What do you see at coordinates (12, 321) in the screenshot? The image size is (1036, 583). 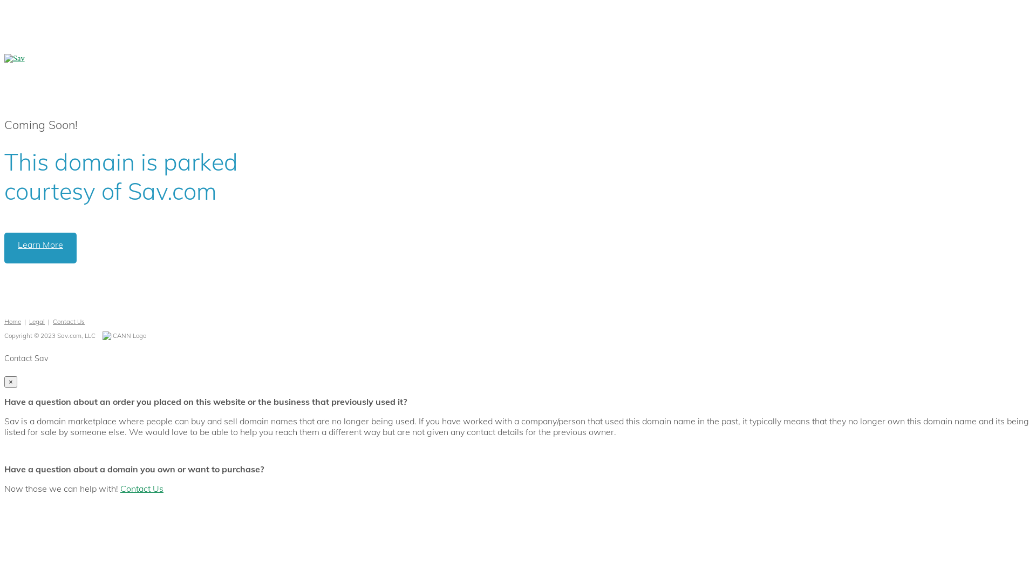 I see `'Home'` at bounding box center [12, 321].